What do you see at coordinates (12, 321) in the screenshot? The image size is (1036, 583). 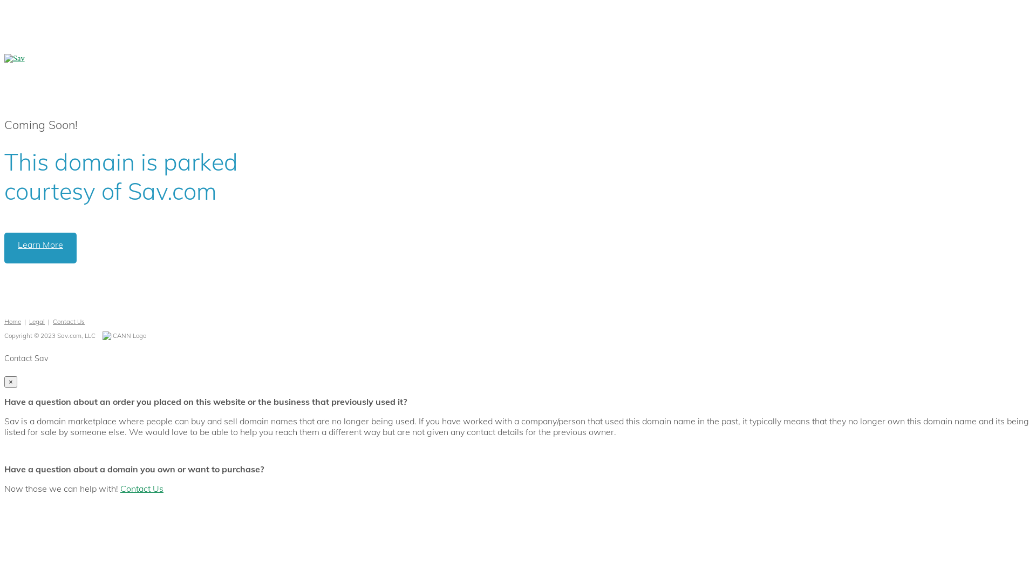 I see `'Home'` at bounding box center [12, 321].